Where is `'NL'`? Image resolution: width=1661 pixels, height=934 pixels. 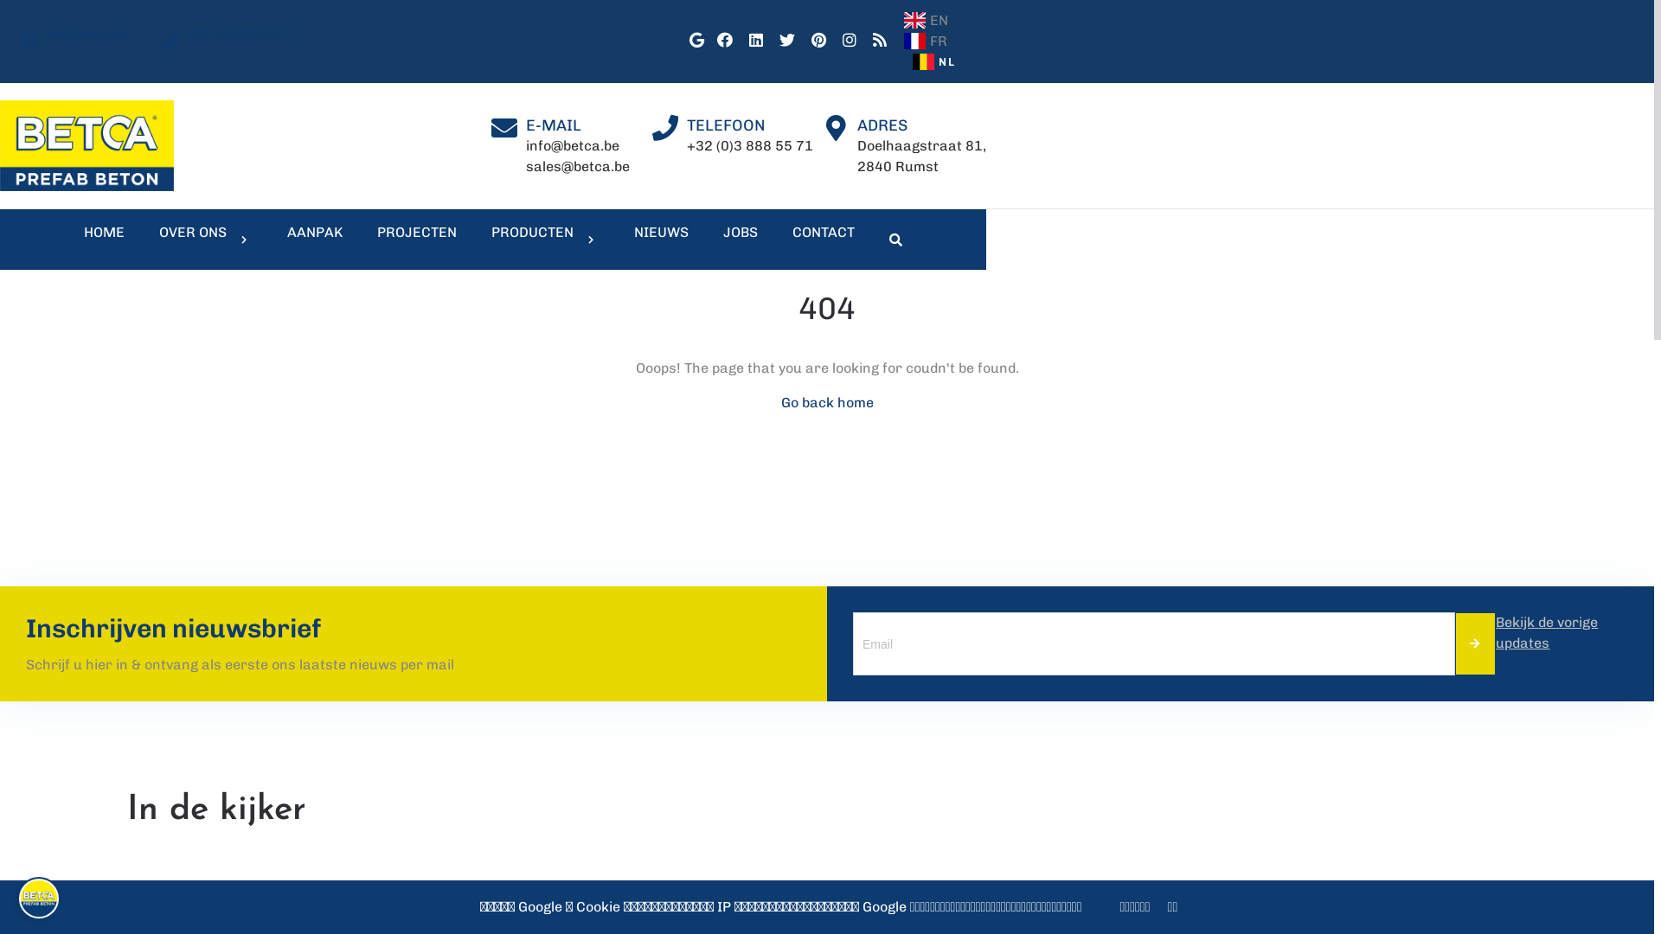
'NL' is located at coordinates (903, 61).